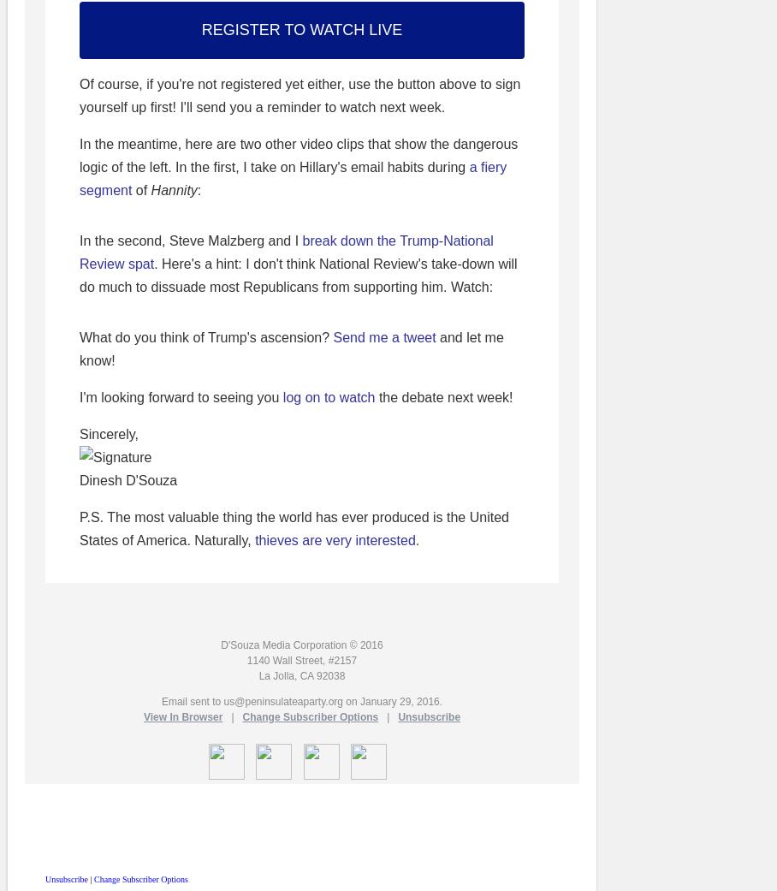  What do you see at coordinates (443, 396) in the screenshot?
I see `'the debate next week!'` at bounding box center [443, 396].